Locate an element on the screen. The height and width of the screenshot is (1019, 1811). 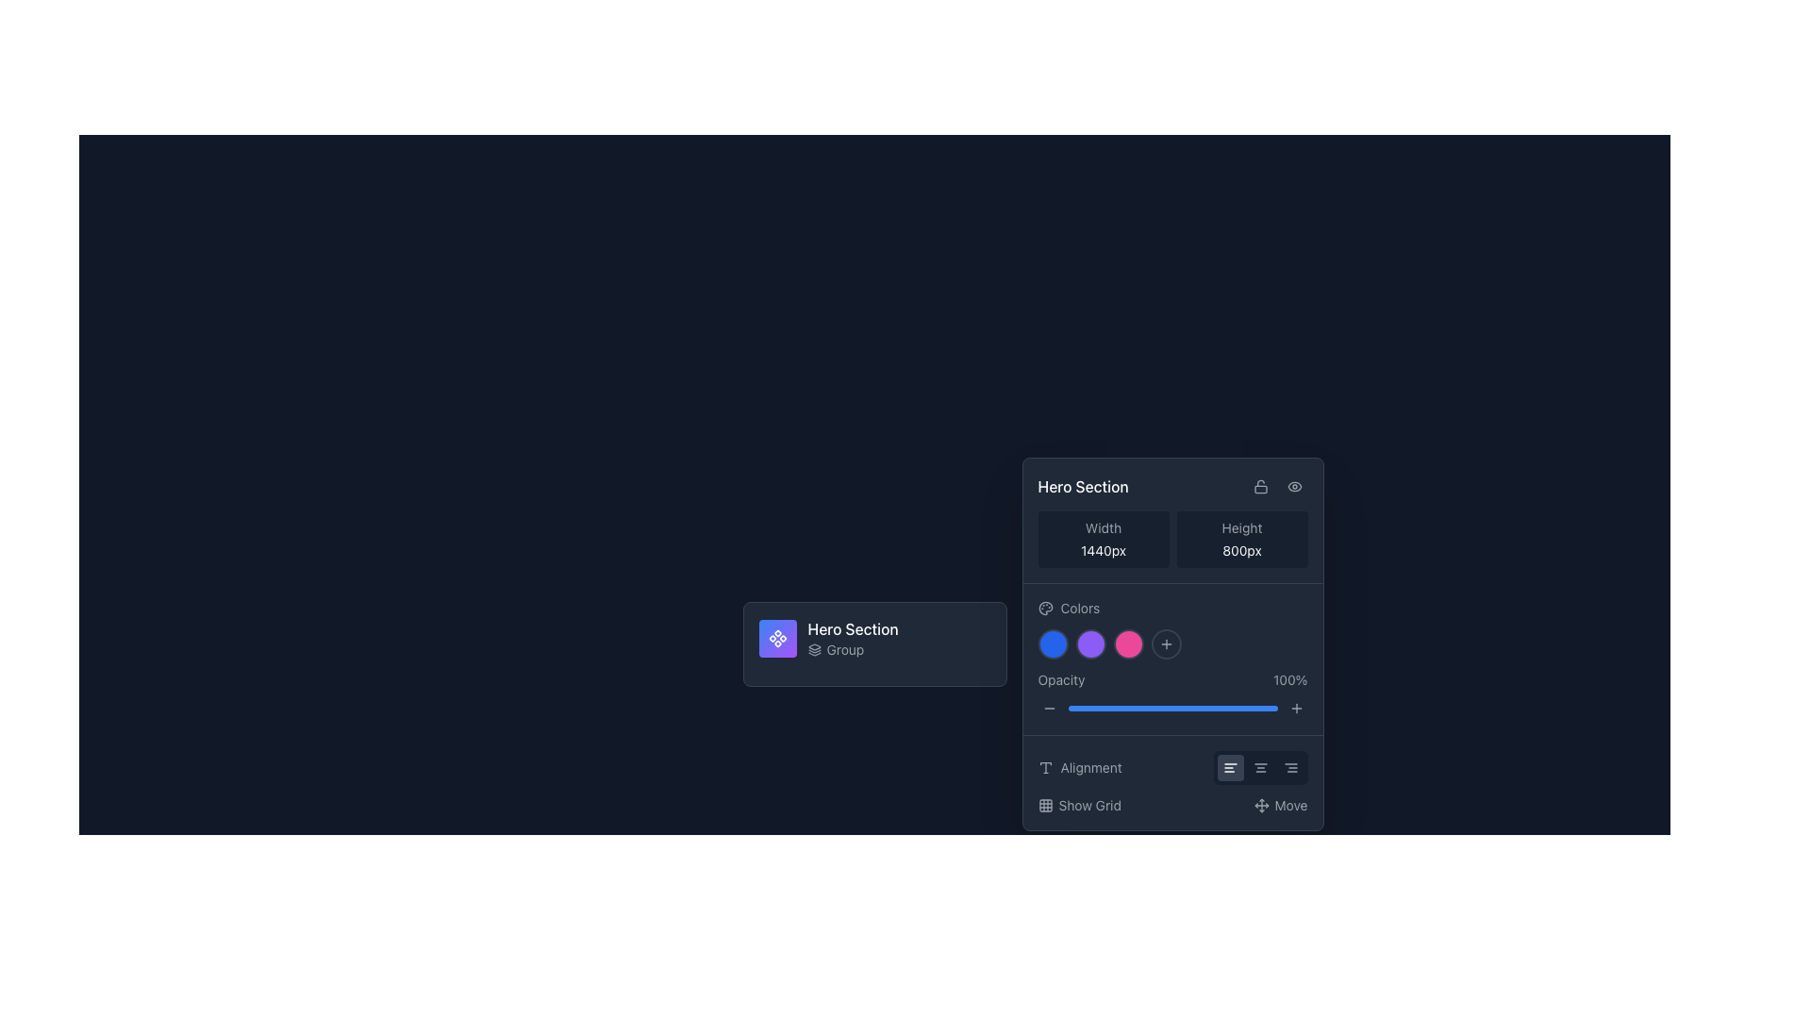
the open lock icon located at the top-right corner of the configuration panel titled 'Hero Section' is located at coordinates (1260, 486).